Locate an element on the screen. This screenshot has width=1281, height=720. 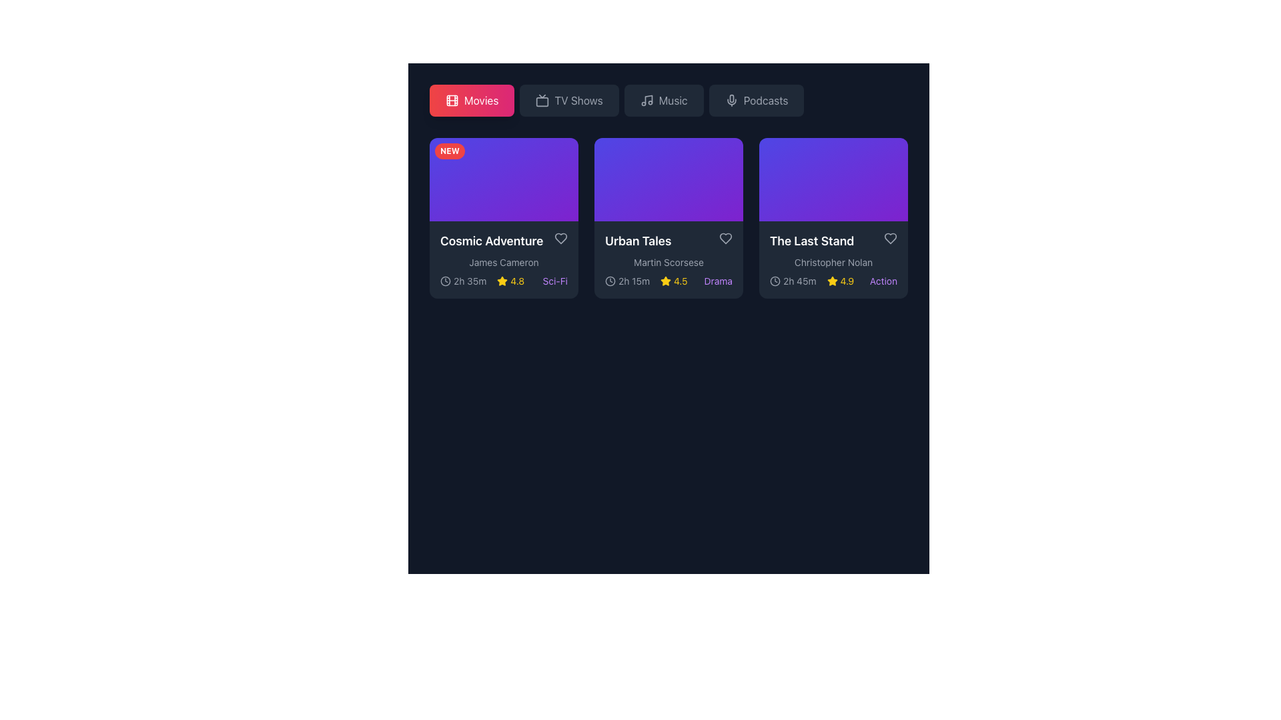
static text displaying the media duration of '2 hours and 45 minutes', which is located below the title 'The Last Stand' and the name 'Christopher Nolan' in the card design is located at coordinates (793, 281).